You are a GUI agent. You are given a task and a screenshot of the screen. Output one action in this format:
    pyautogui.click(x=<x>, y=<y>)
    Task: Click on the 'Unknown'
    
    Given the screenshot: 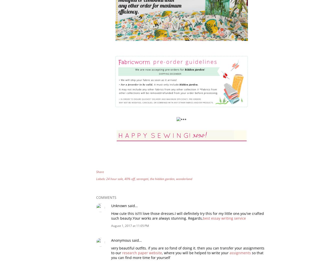 What is the action you would take?
    pyautogui.click(x=111, y=205)
    